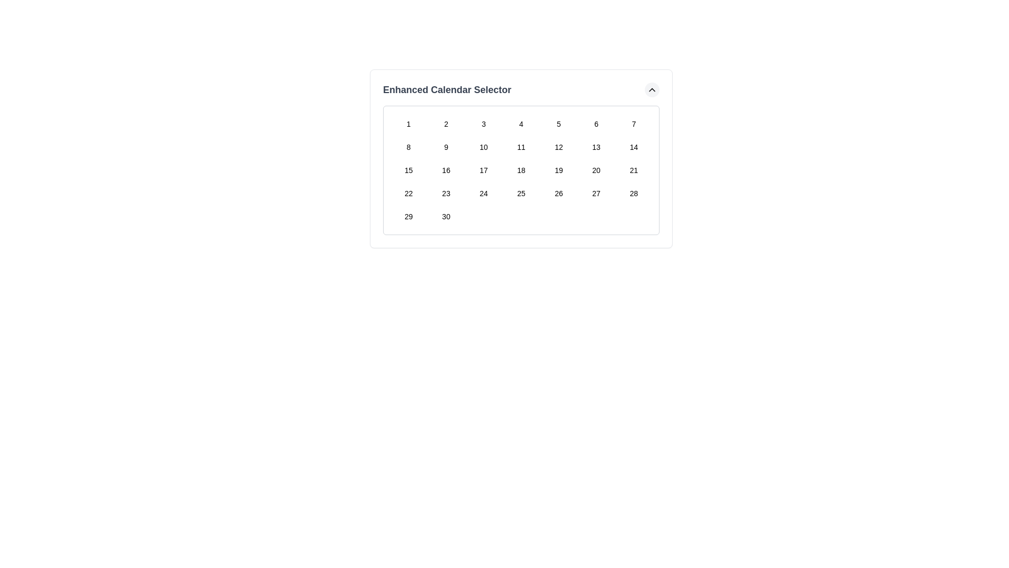 This screenshot has height=568, width=1009. I want to click on the calendar cell button containing the number '16' to trigger its hover effects, so click(446, 170).